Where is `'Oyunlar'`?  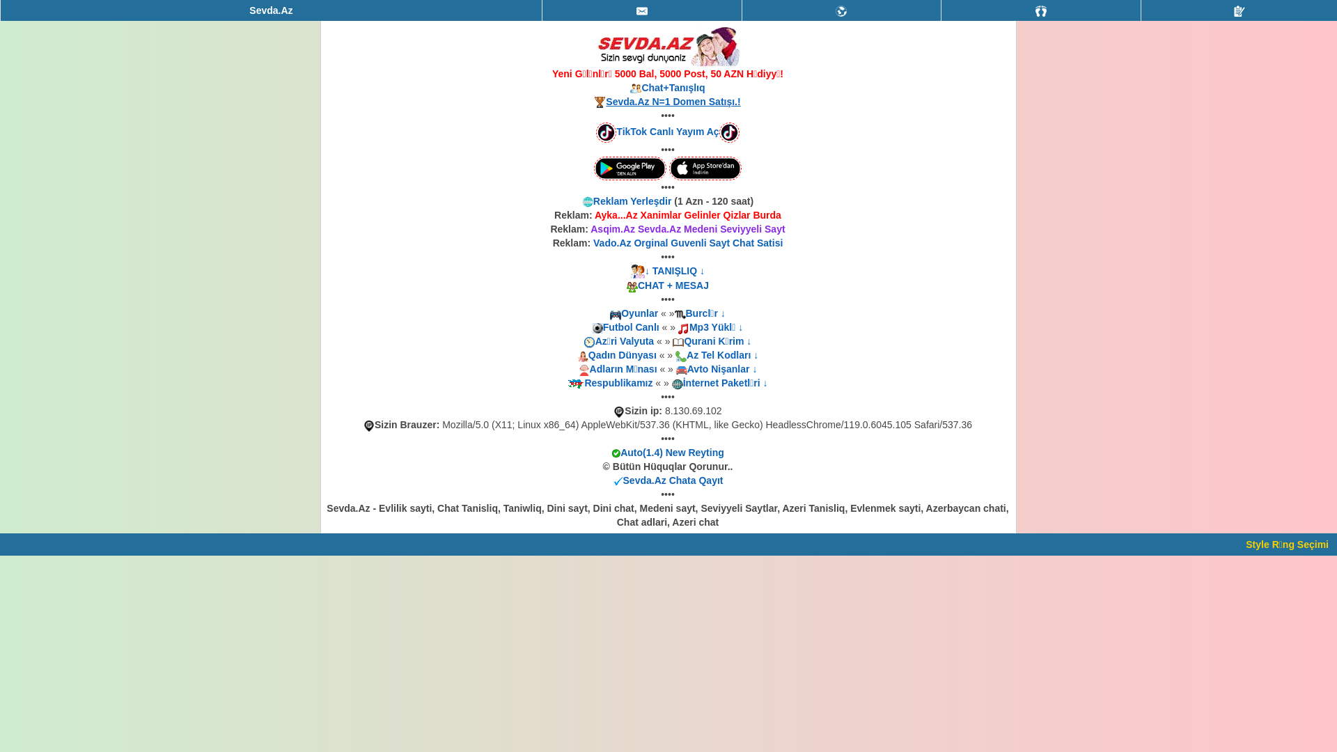 'Oyunlar' is located at coordinates (620, 313).